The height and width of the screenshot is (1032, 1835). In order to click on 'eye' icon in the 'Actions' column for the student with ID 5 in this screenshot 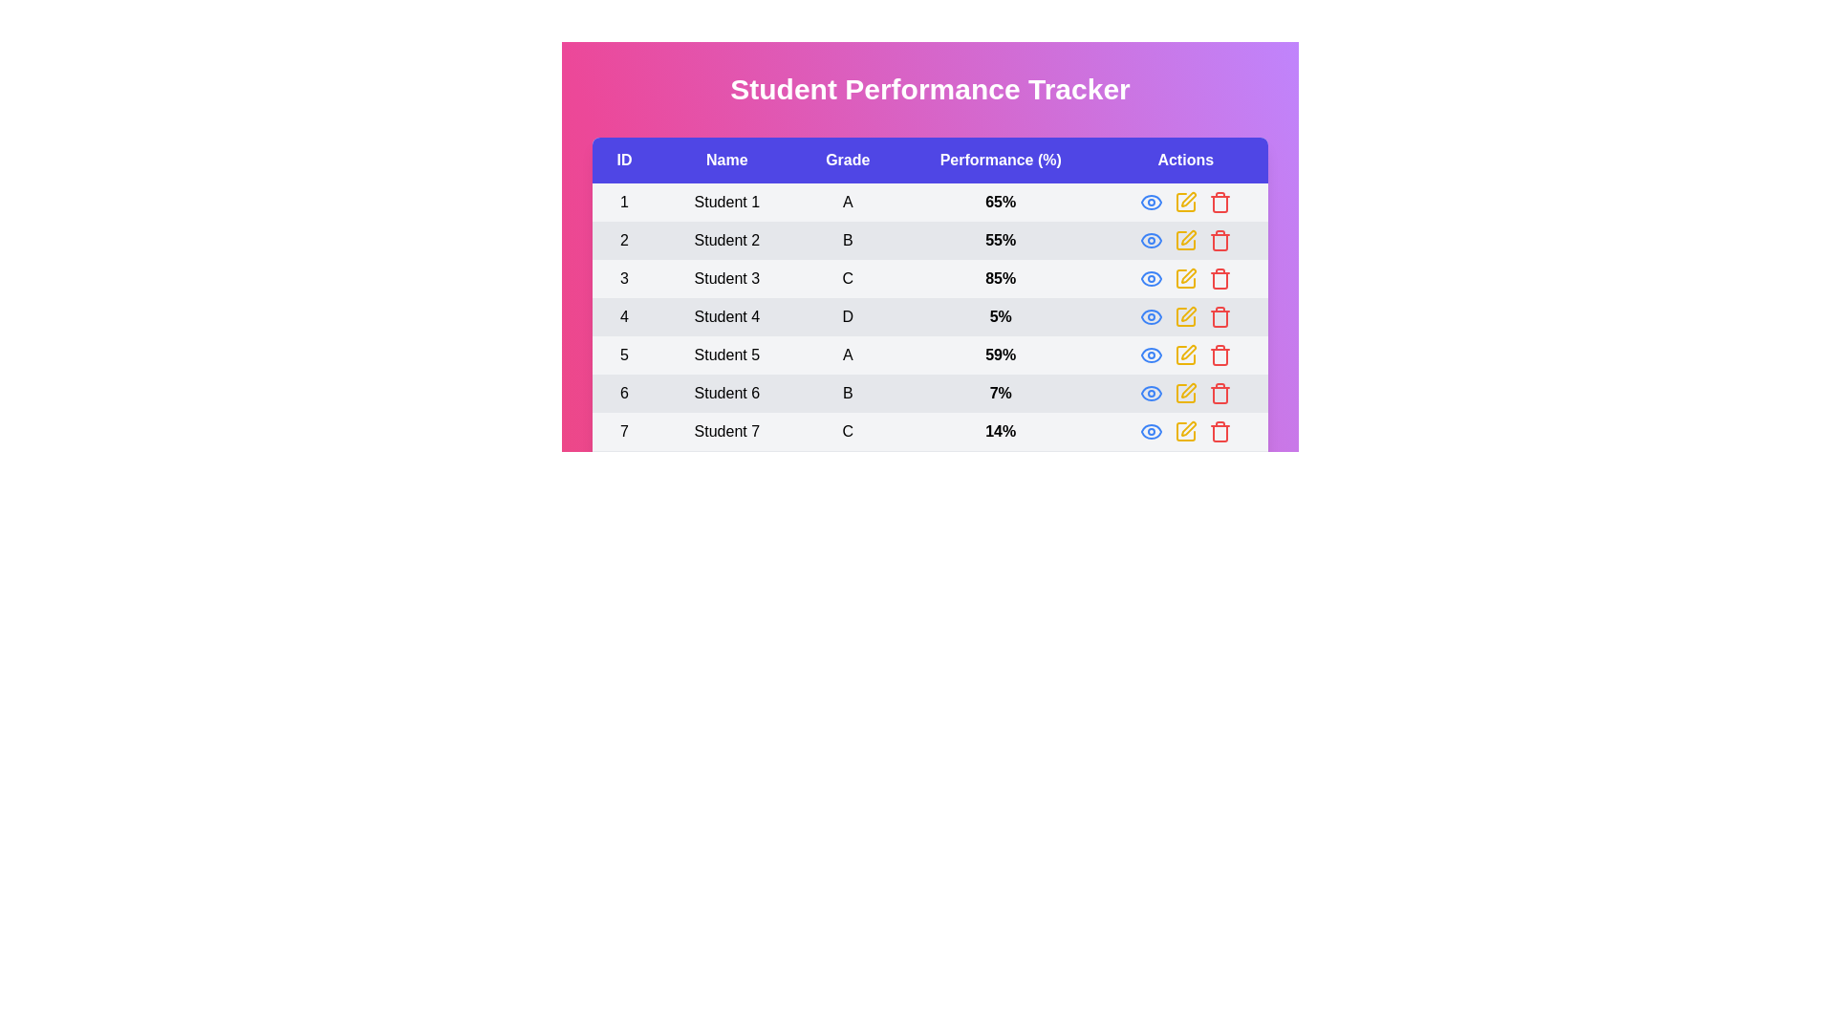, I will do `click(1150, 355)`.